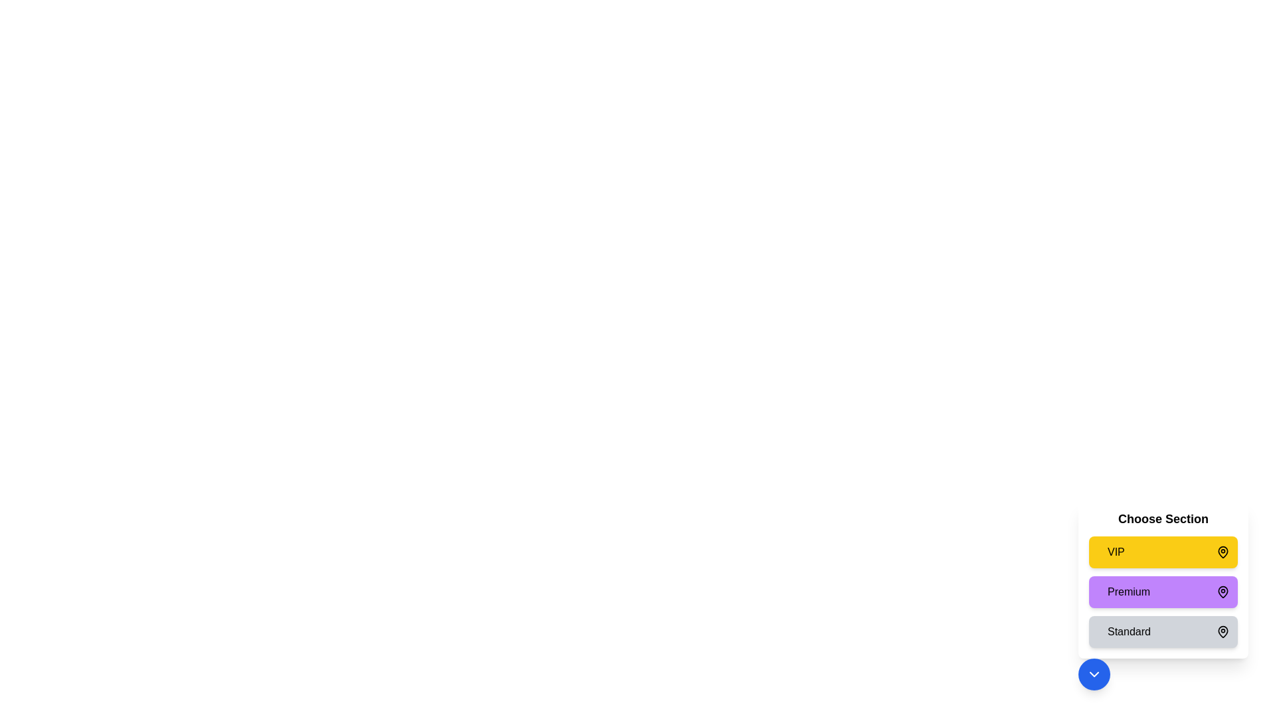 This screenshot has width=1275, height=717. Describe the element at coordinates (1163, 631) in the screenshot. I see `the seating section Standard by clicking on the respective section card` at that location.